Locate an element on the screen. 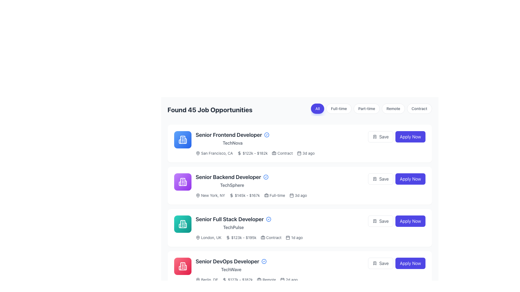 This screenshot has width=520, height=292. the label displaying the employment type 'Contract' located in the first job opportunity card, positioned between the salary range and posting time is located at coordinates (282, 153).